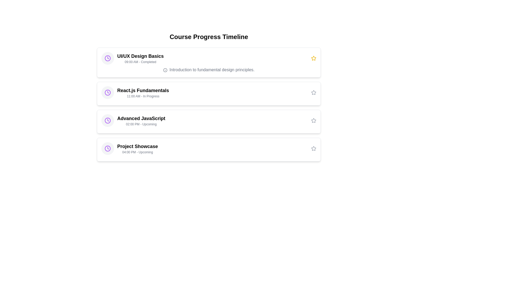 The height and width of the screenshot is (285, 507). What do you see at coordinates (143, 96) in the screenshot?
I see `the text label displaying the schedule and status information '11:00 AM - In Progress', which is located directly beneath the header 'React.js Fundamentals' in the course card` at bounding box center [143, 96].